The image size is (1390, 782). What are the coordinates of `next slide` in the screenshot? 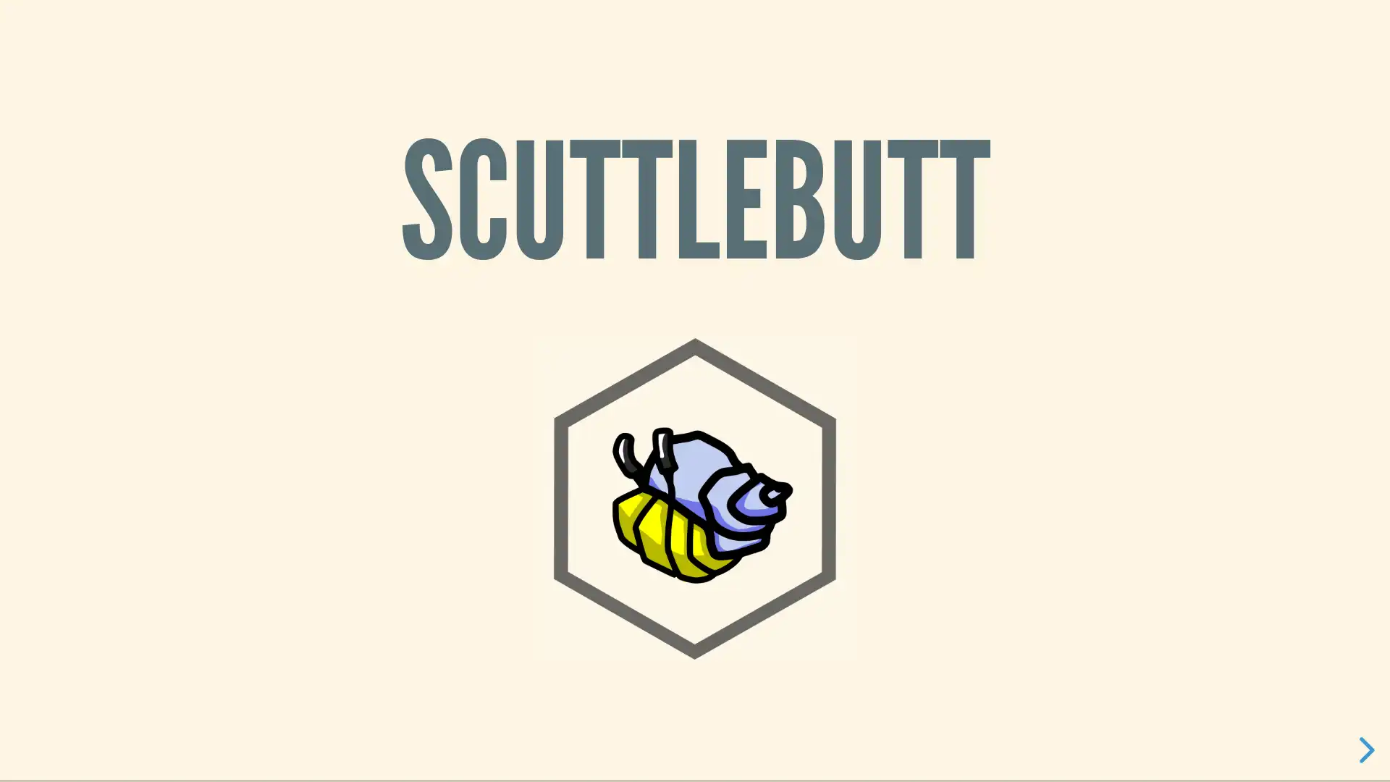 It's located at (1360, 749).